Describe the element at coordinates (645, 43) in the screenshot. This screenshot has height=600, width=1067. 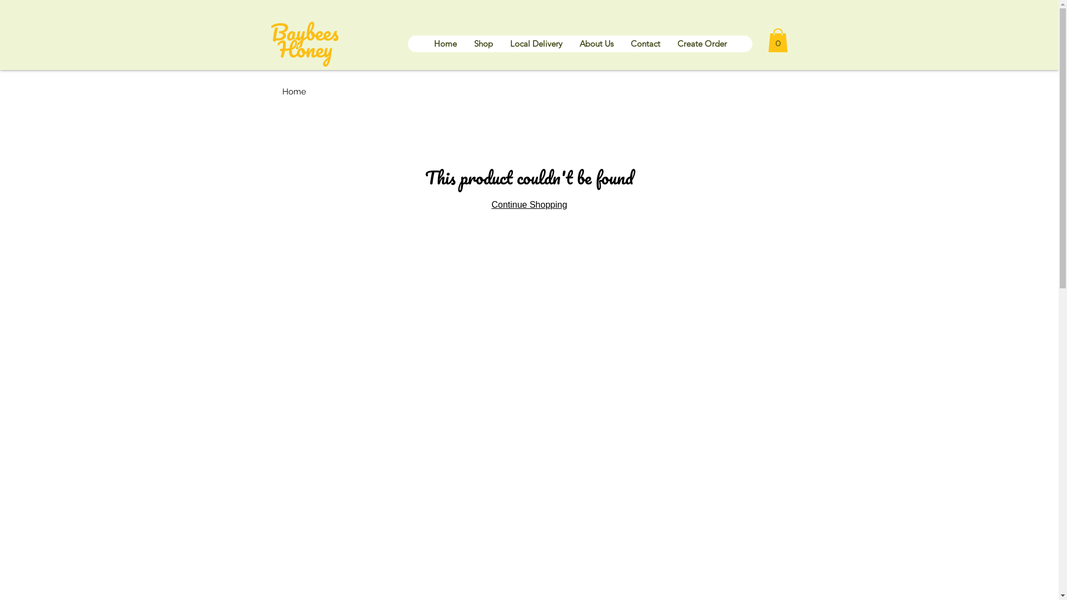
I see `'Contact'` at that location.